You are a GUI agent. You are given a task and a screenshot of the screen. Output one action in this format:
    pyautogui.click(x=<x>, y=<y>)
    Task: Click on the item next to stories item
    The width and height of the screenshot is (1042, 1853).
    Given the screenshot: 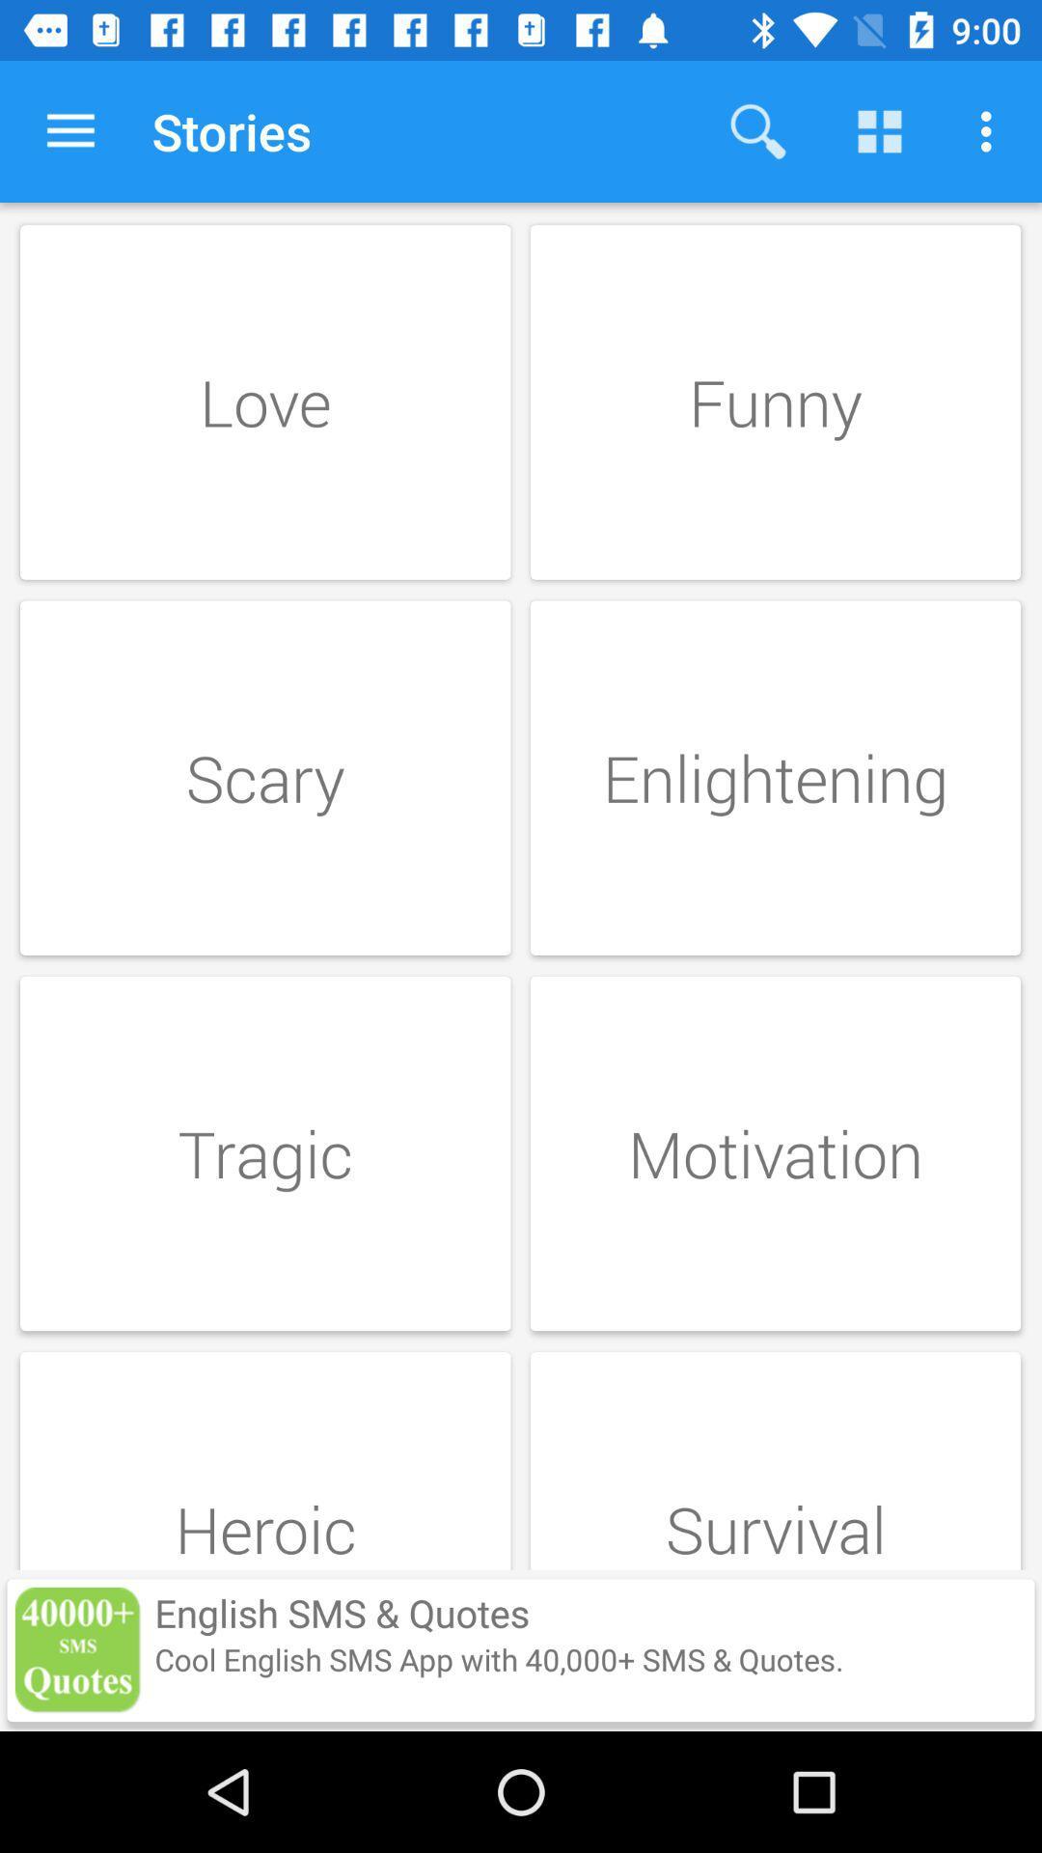 What is the action you would take?
    pyautogui.click(x=69, y=130)
    